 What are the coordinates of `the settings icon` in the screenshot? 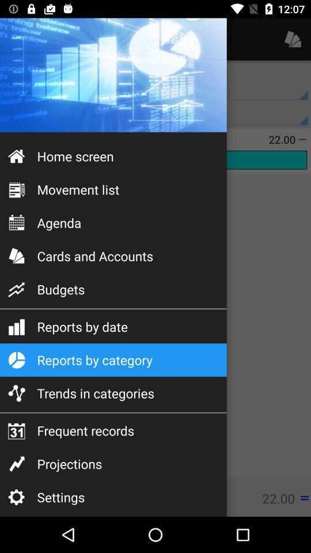 It's located at (19, 496).